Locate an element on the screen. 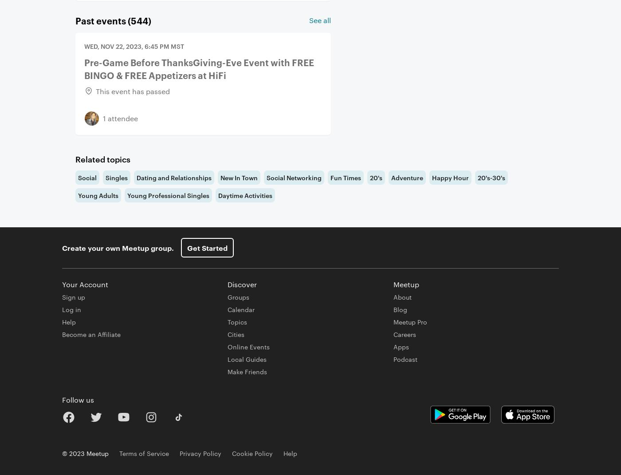 The image size is (621, 475). 'Singles' is located at coordinates (117, 177).